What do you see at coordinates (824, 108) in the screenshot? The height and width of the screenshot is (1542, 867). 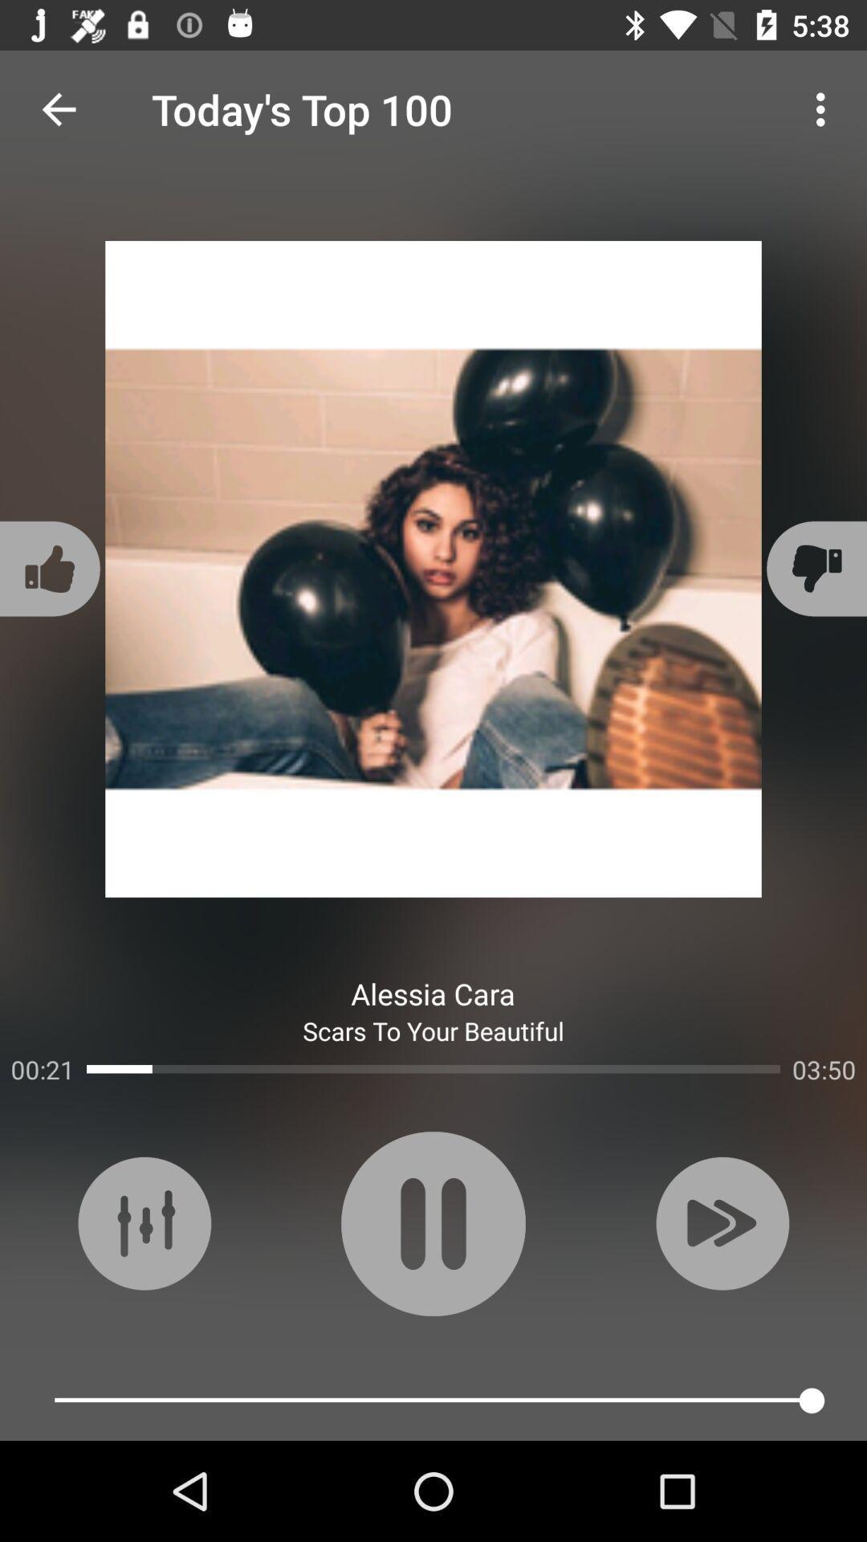 I see `icon at the top right corner` at bounding box center [824, 108].